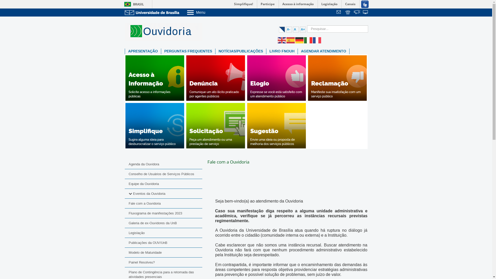 The image size is (496, 279). Describe the element at coordinates (308, 40) in the screenshot. I see `'Italiano'` at that location.